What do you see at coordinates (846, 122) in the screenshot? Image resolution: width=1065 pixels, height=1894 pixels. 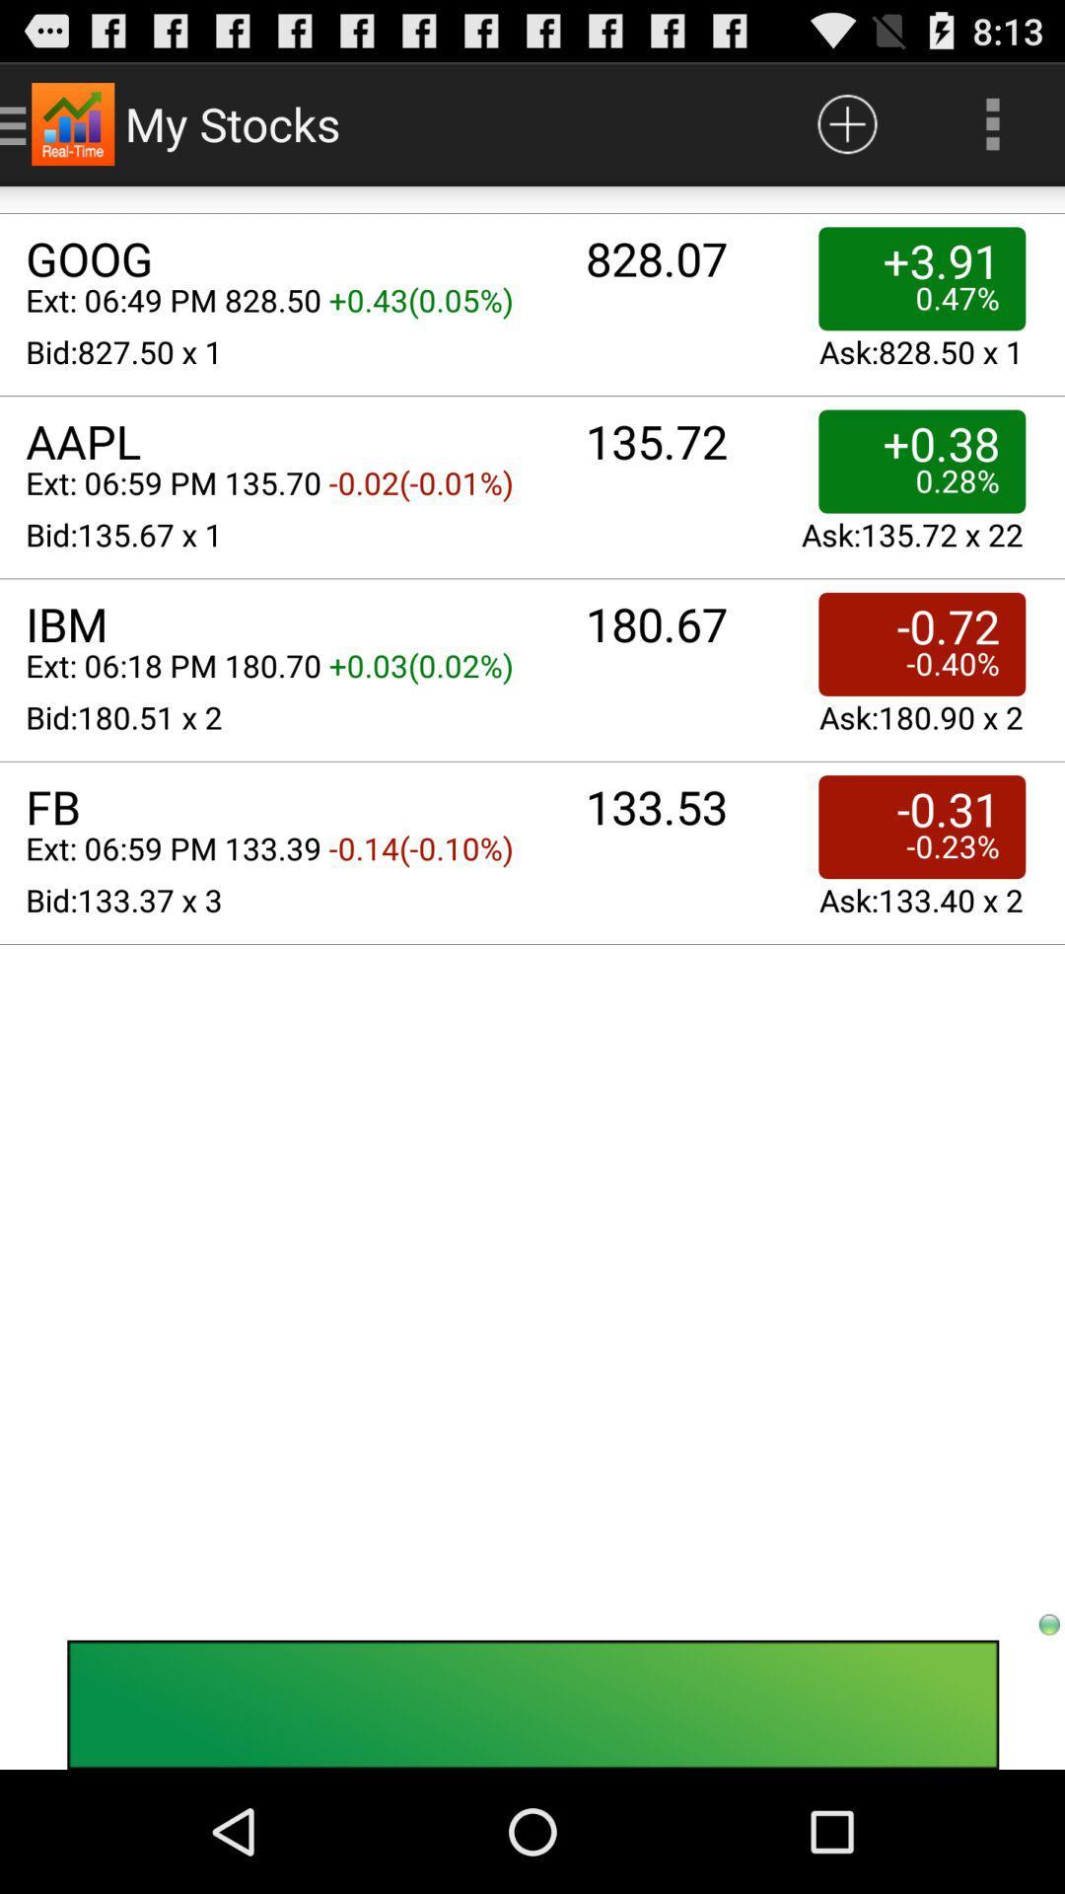 I see `clicking on this button would give the use more information` at bounding box center [846, 122].